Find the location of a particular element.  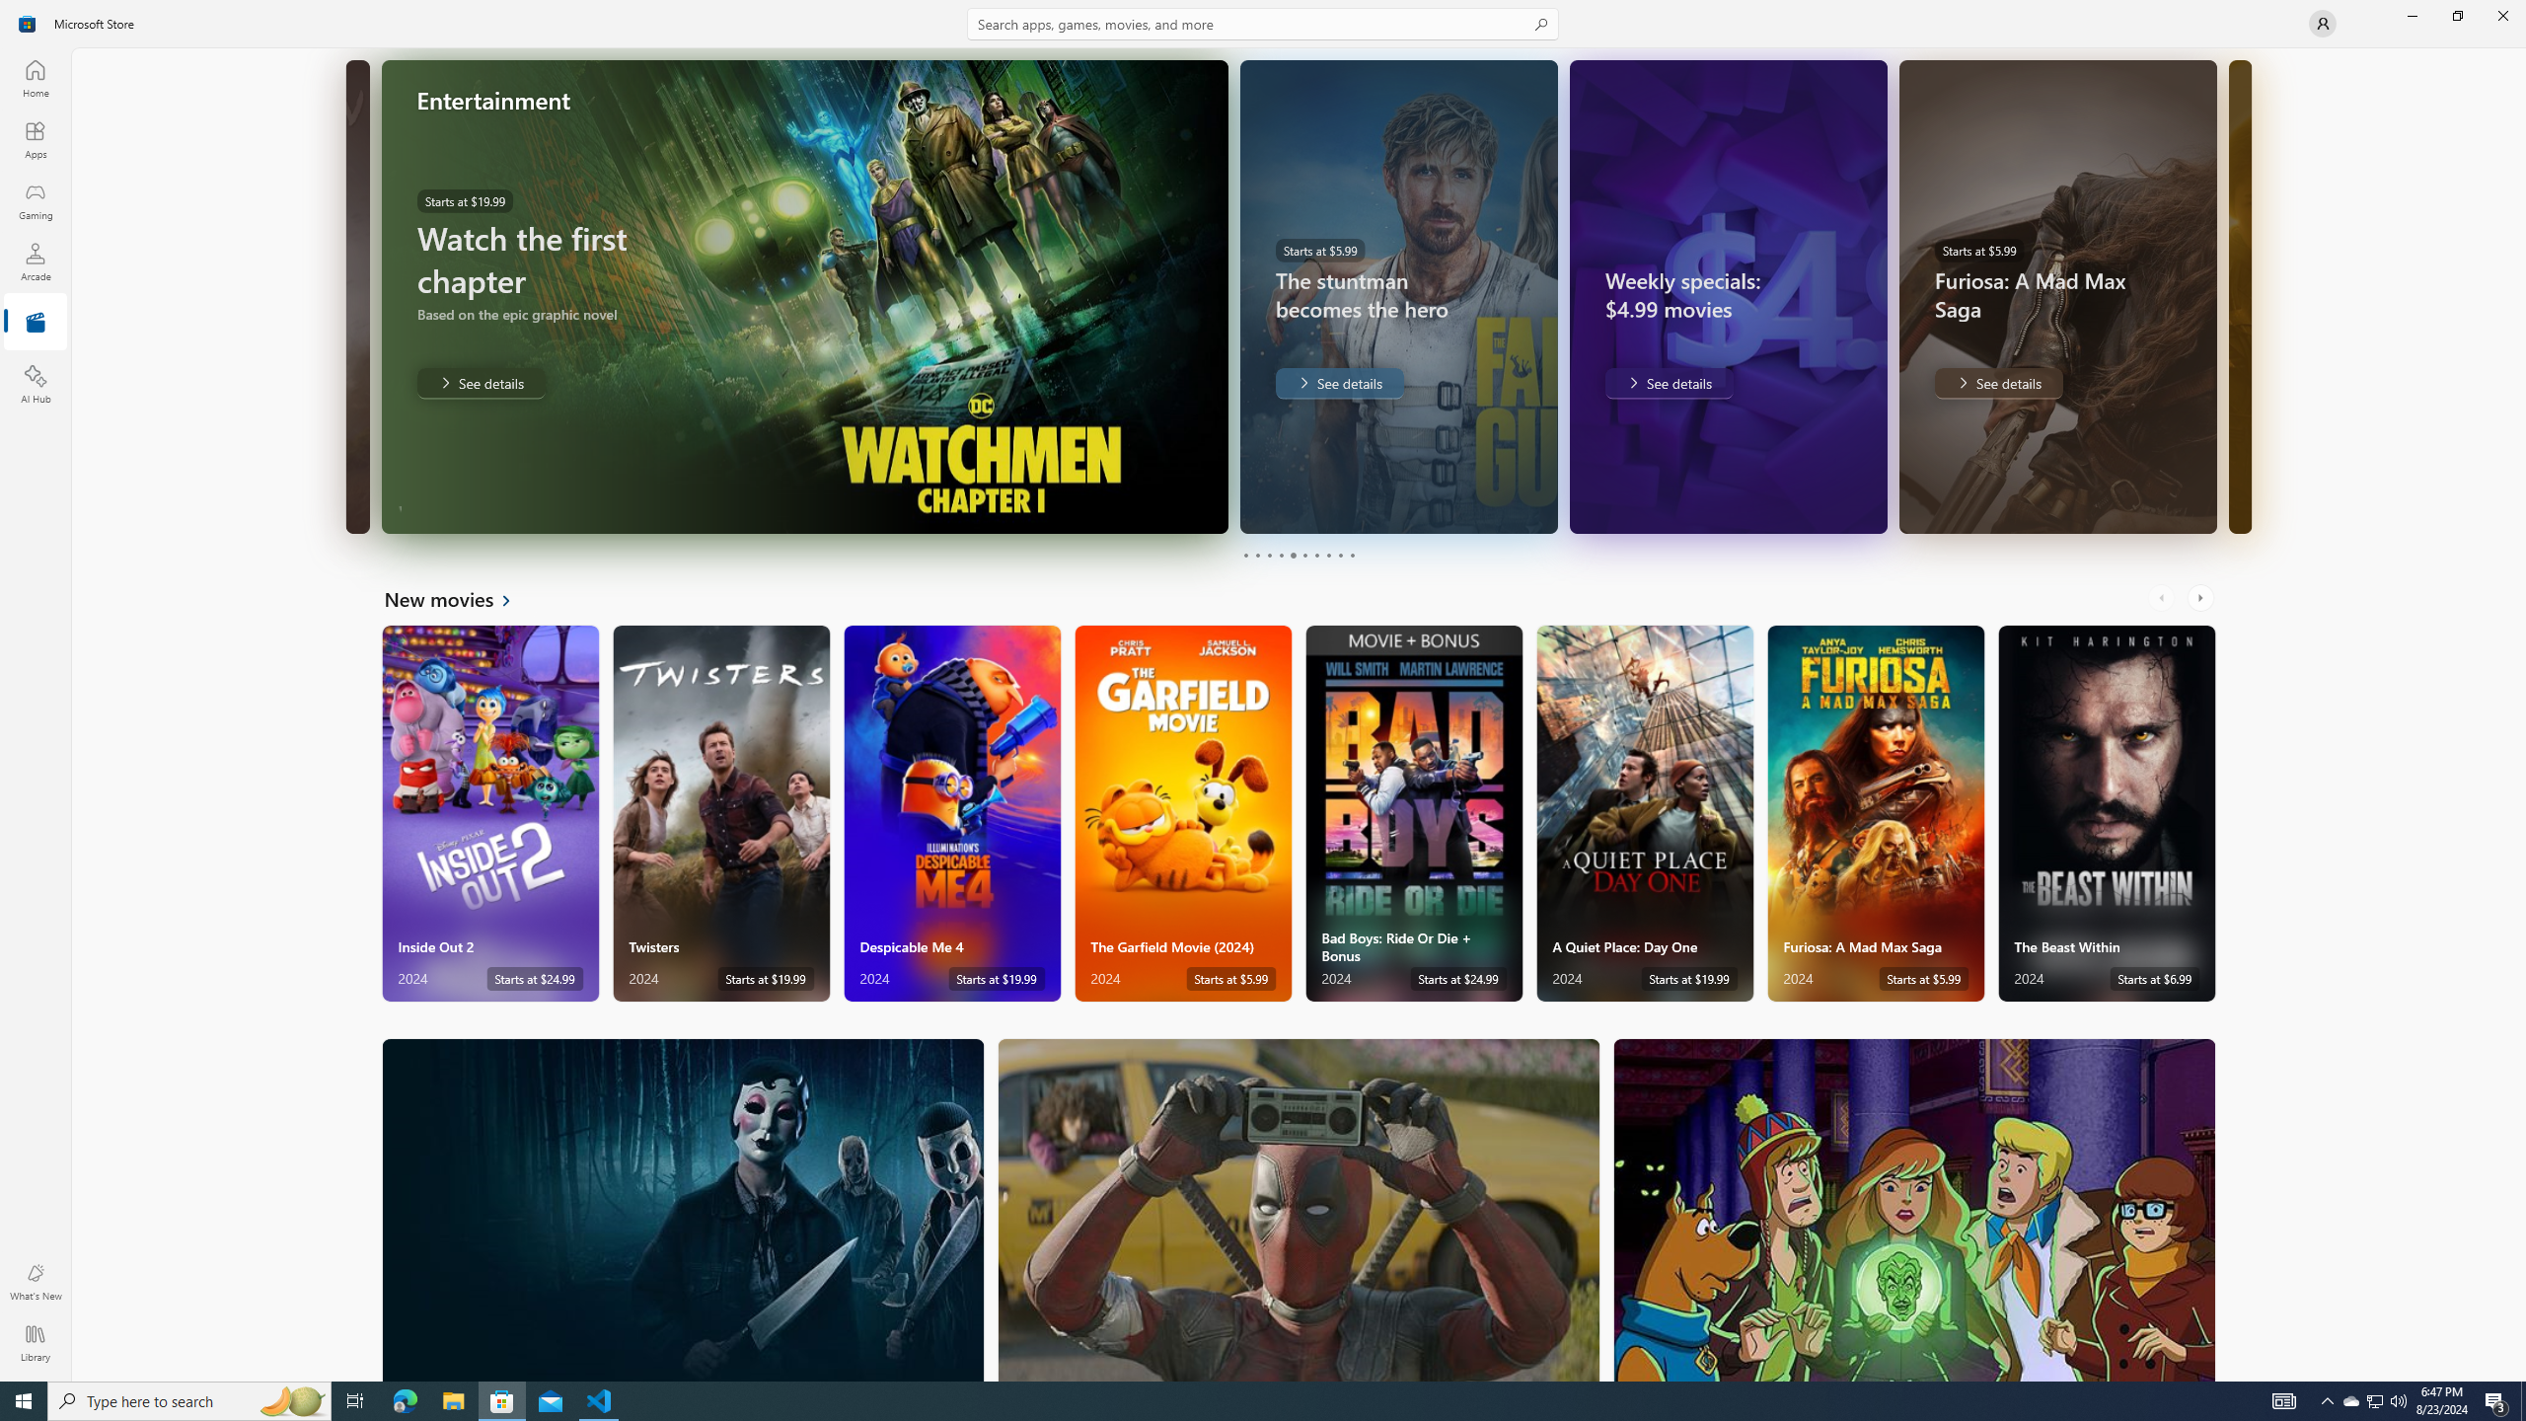

'Page 4' is located at coordinates (1279, 555).